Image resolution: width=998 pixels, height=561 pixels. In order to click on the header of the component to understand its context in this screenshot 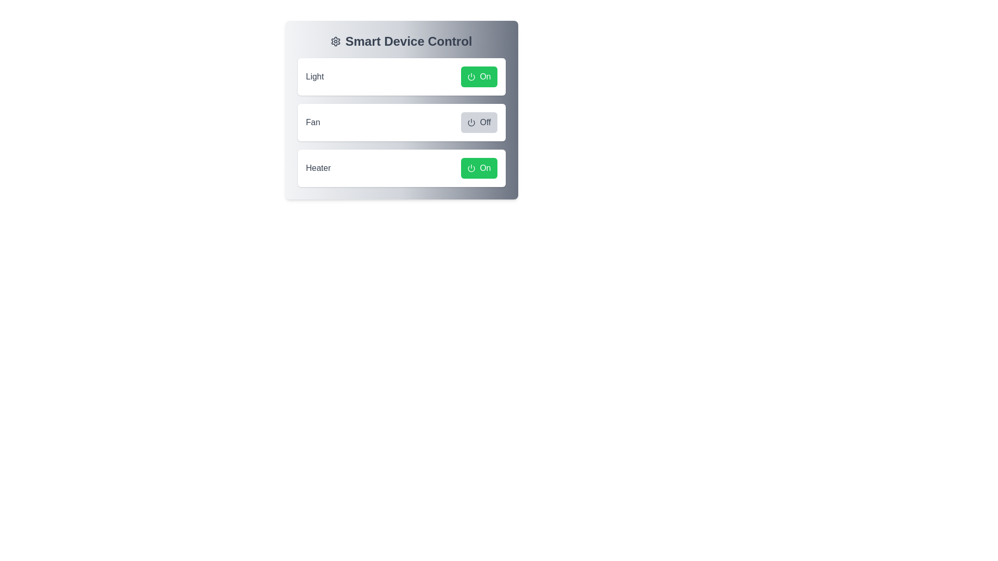, I will do `click(401, 41)`.